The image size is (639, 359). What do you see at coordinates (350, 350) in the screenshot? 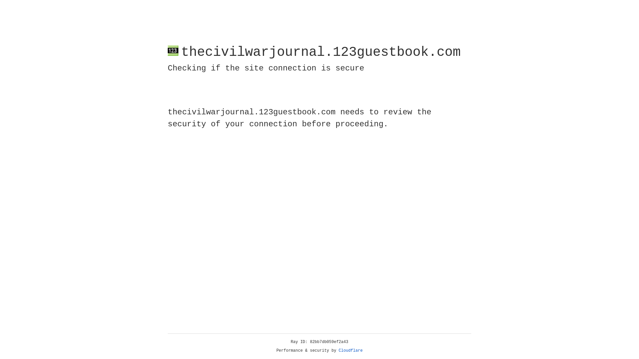
I see `'Cloudflare'` at bounding box center [350, 350].